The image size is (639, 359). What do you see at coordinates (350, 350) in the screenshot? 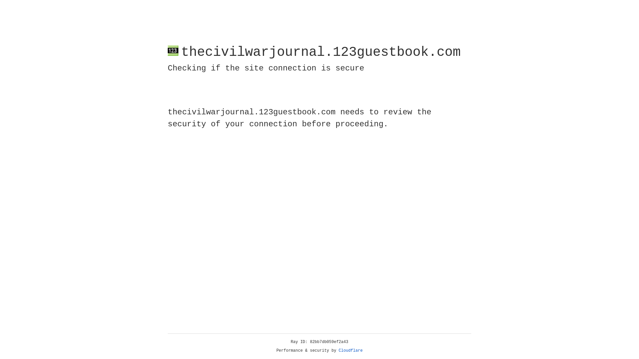
I see `'Cloudflare'` at bounding box center [350, 350].